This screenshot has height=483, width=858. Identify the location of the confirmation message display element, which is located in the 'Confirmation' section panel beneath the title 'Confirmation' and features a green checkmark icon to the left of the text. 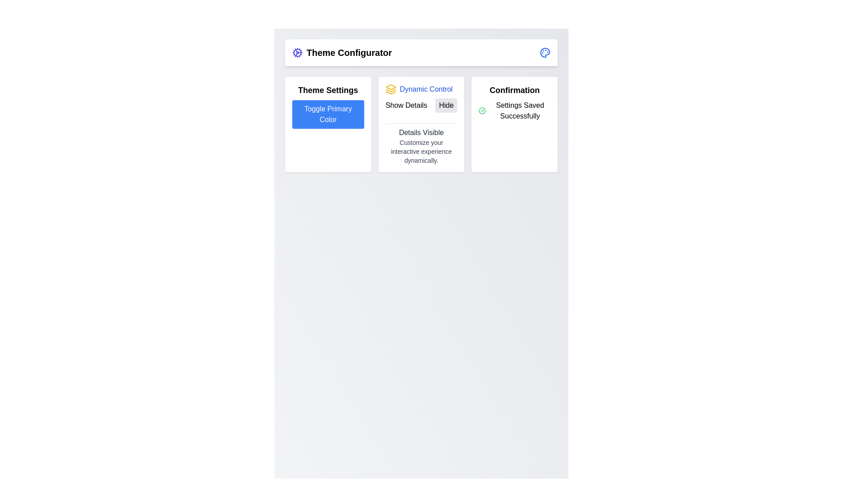
(514, 110).